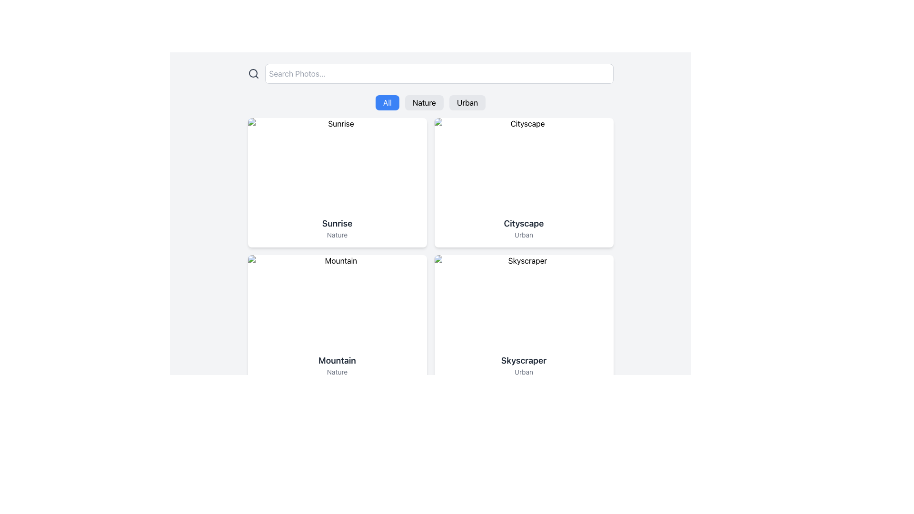 This screenshot has height=514, width=914. I want to click on text content from the Text Block located in the lower section of the card layout on the middle left of the grid, which contains a title and a subtitle, so click(337, 228).